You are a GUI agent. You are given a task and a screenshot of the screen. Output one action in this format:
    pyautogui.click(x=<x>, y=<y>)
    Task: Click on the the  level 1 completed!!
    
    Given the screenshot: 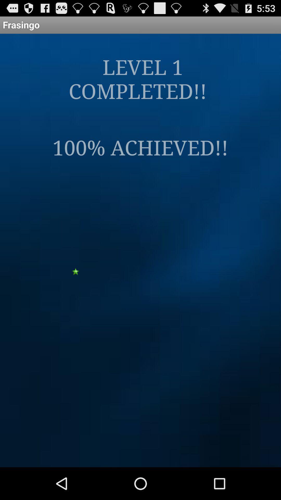 What is the action you would take?
    pyautogui.click(x=140, y=78)
    